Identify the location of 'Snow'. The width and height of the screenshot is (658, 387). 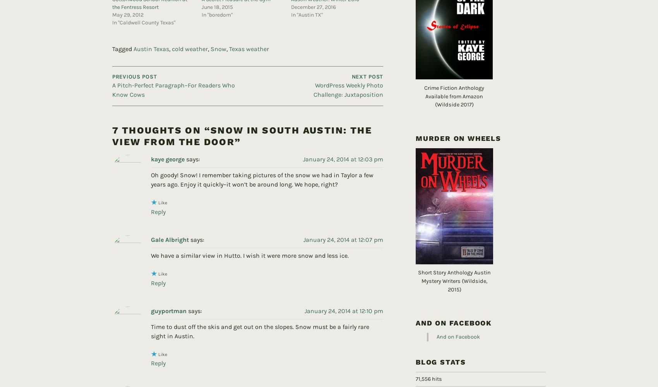
(218, 36).